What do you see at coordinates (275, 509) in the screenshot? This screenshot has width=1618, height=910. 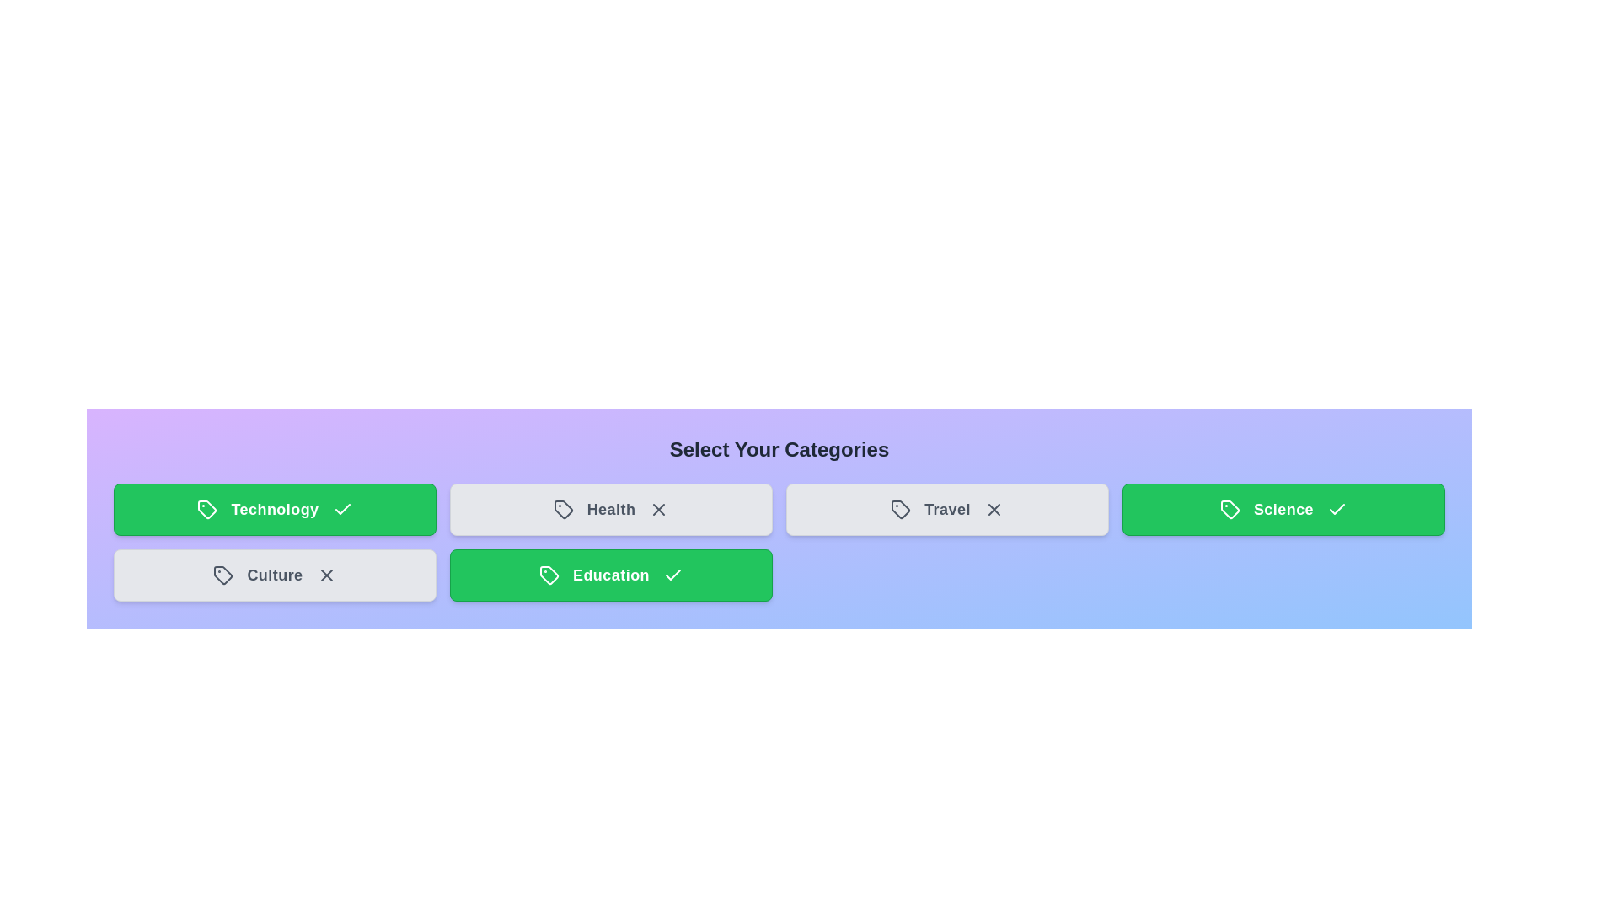 I see `the category tile labeled Technology` at bounding box center [275, 509].